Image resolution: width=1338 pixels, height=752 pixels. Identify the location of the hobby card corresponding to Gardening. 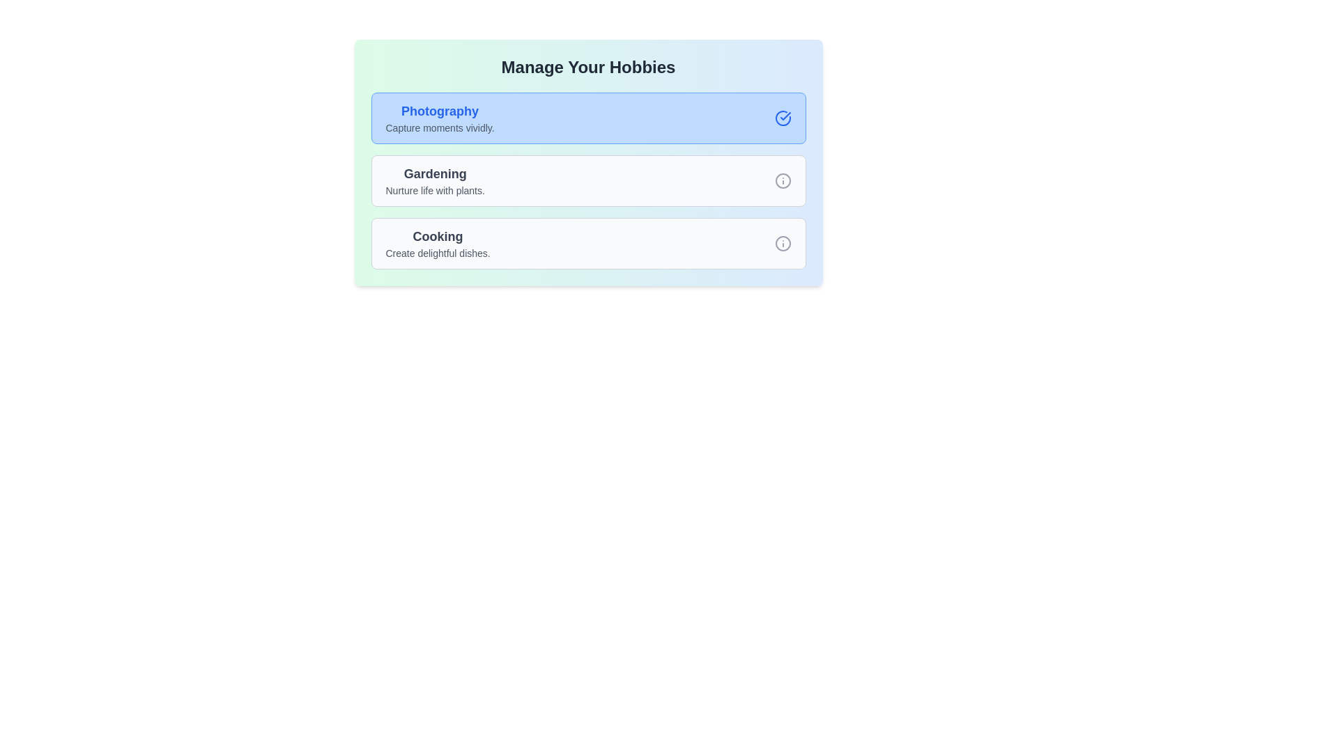
(588, 180).